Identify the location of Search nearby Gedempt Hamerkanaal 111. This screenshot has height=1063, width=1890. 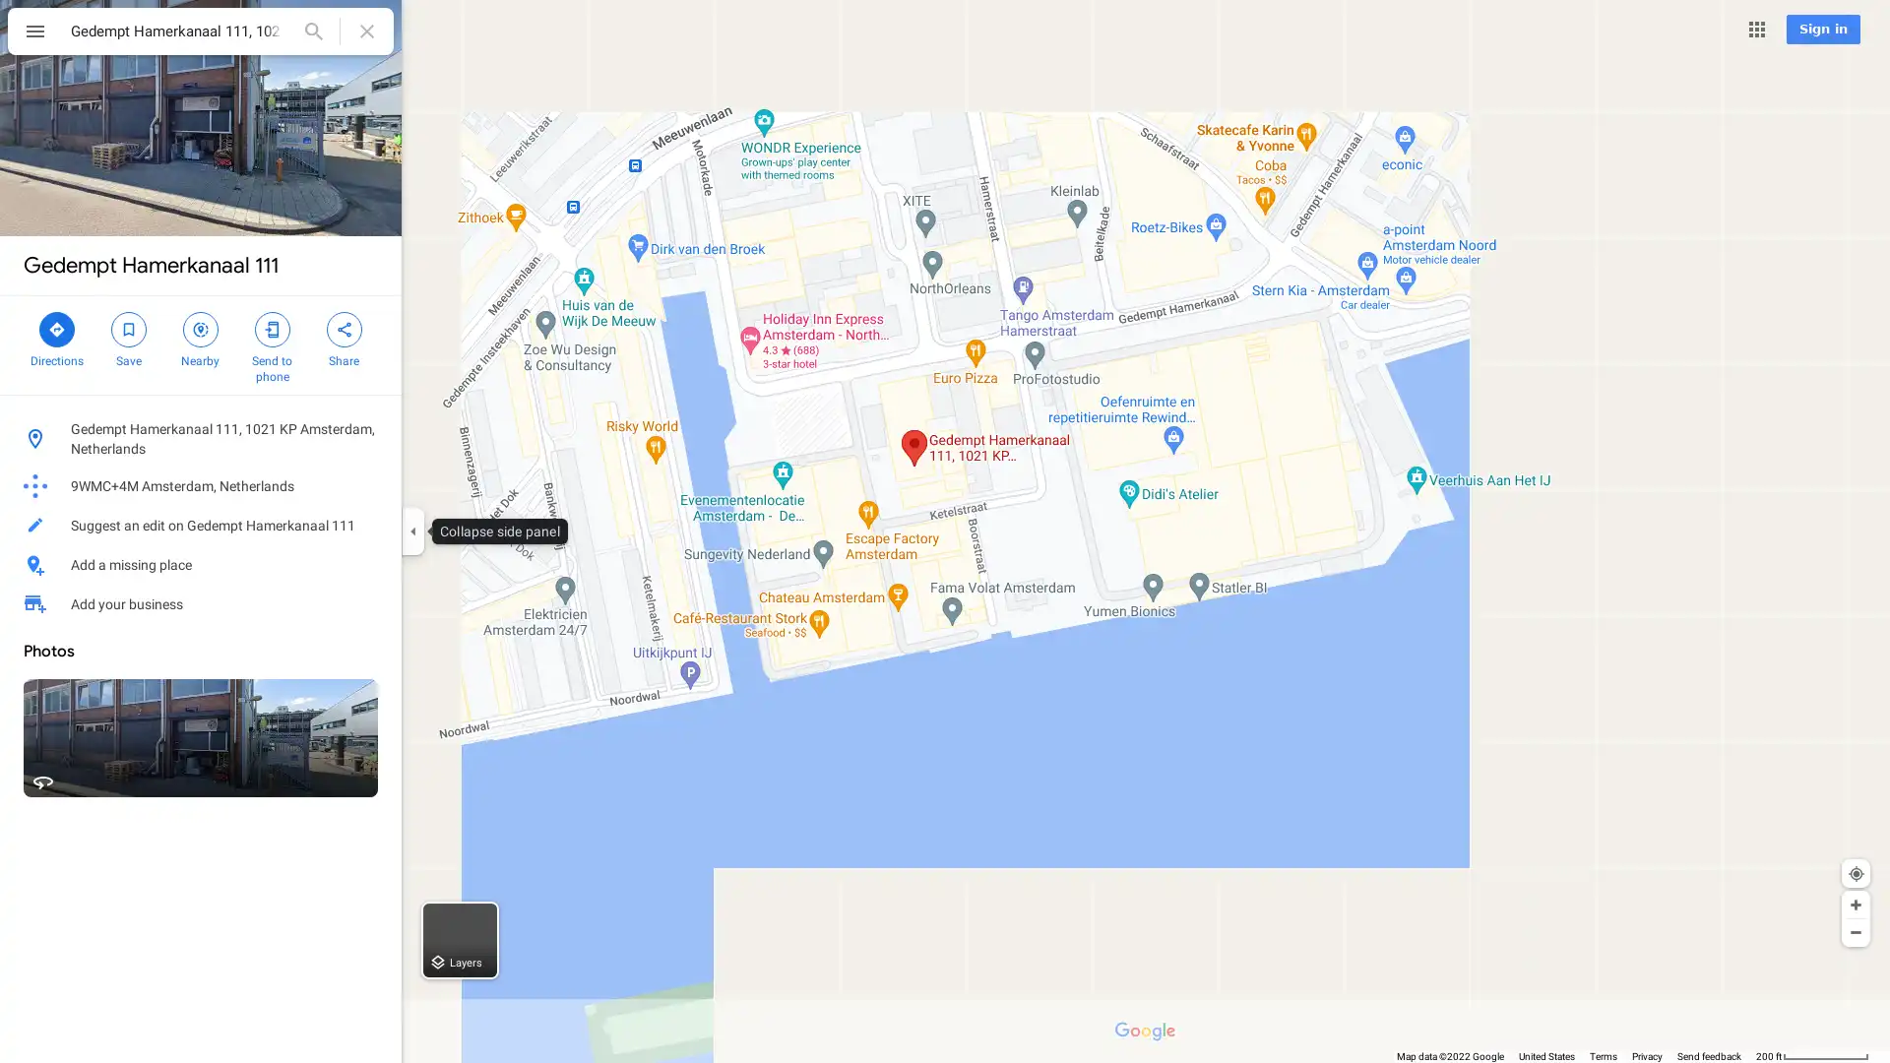
(200, 337).